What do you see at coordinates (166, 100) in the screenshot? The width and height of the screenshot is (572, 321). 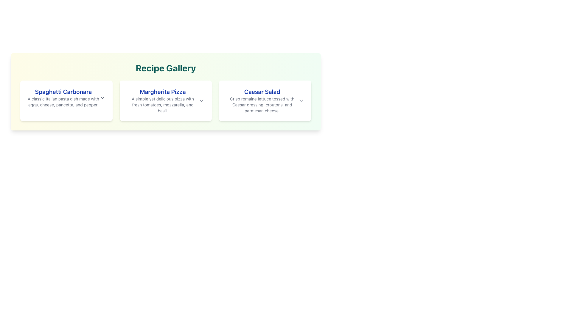 I see `the informational card titled 'Margherita Pizza'` at bounding box center [166, 100].